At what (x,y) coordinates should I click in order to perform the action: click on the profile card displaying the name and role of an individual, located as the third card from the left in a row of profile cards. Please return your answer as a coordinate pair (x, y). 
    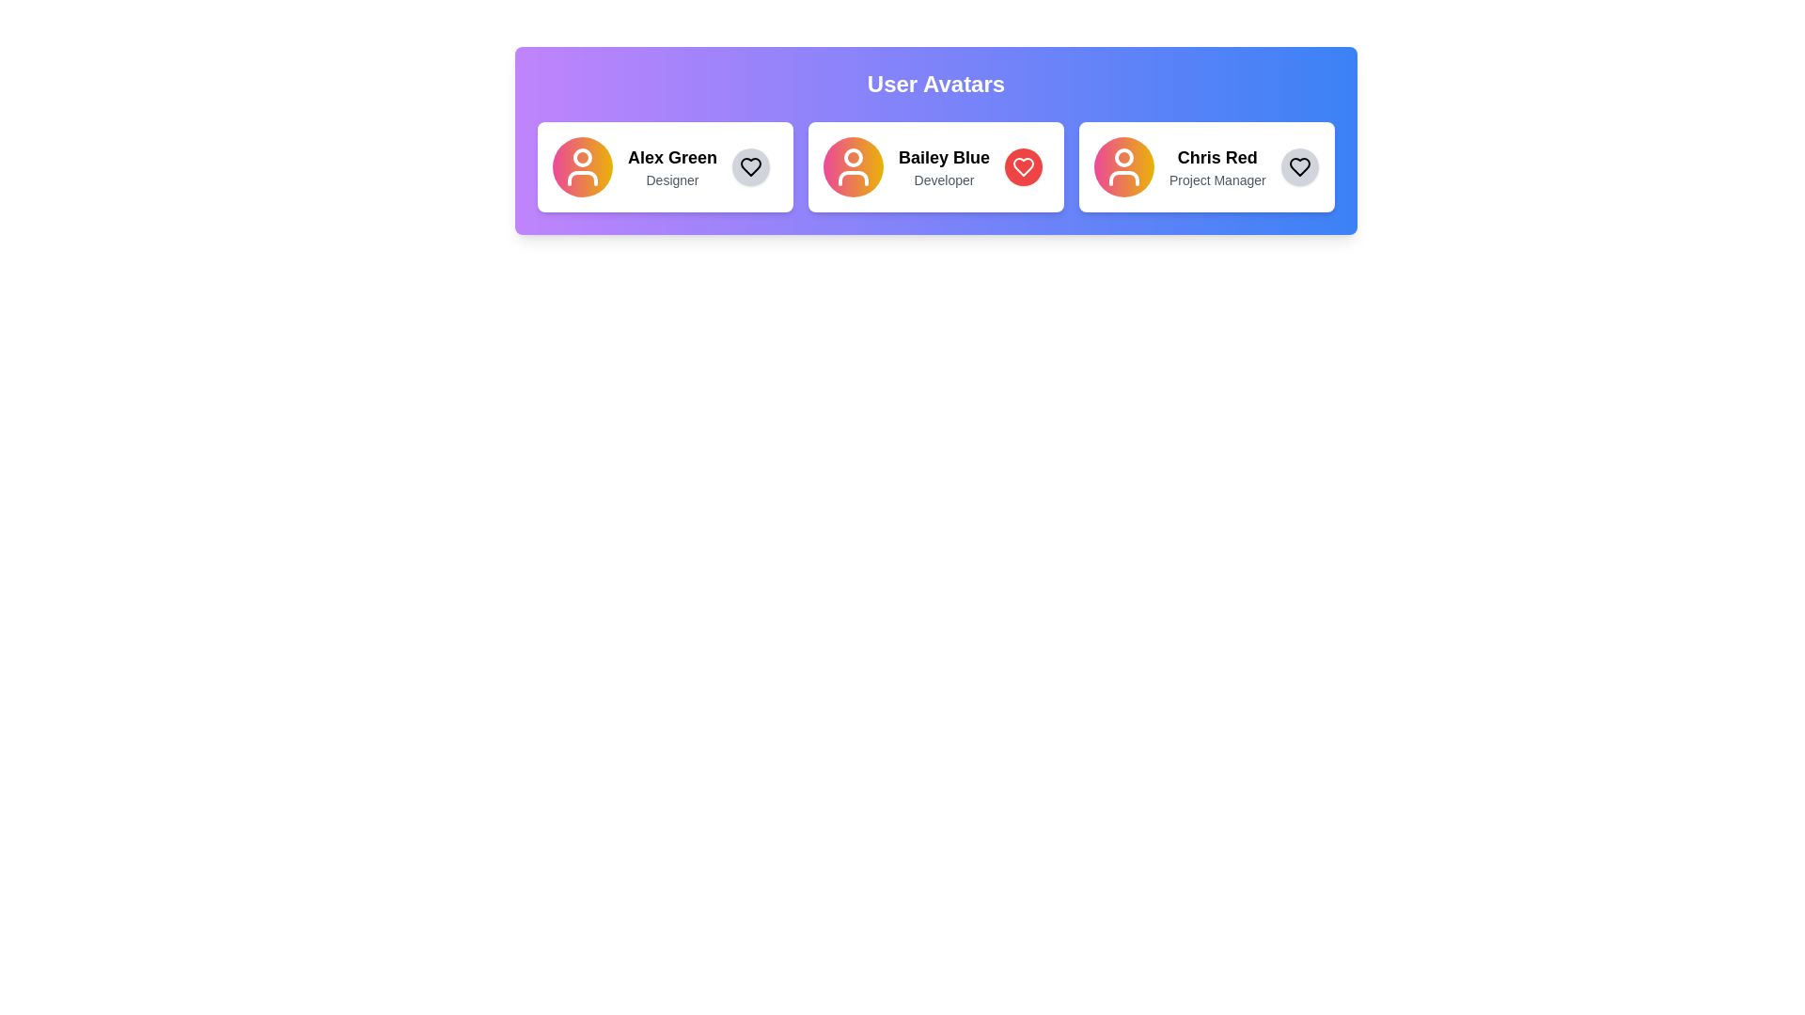
    Looking at the image, I should click on (1217, 165).